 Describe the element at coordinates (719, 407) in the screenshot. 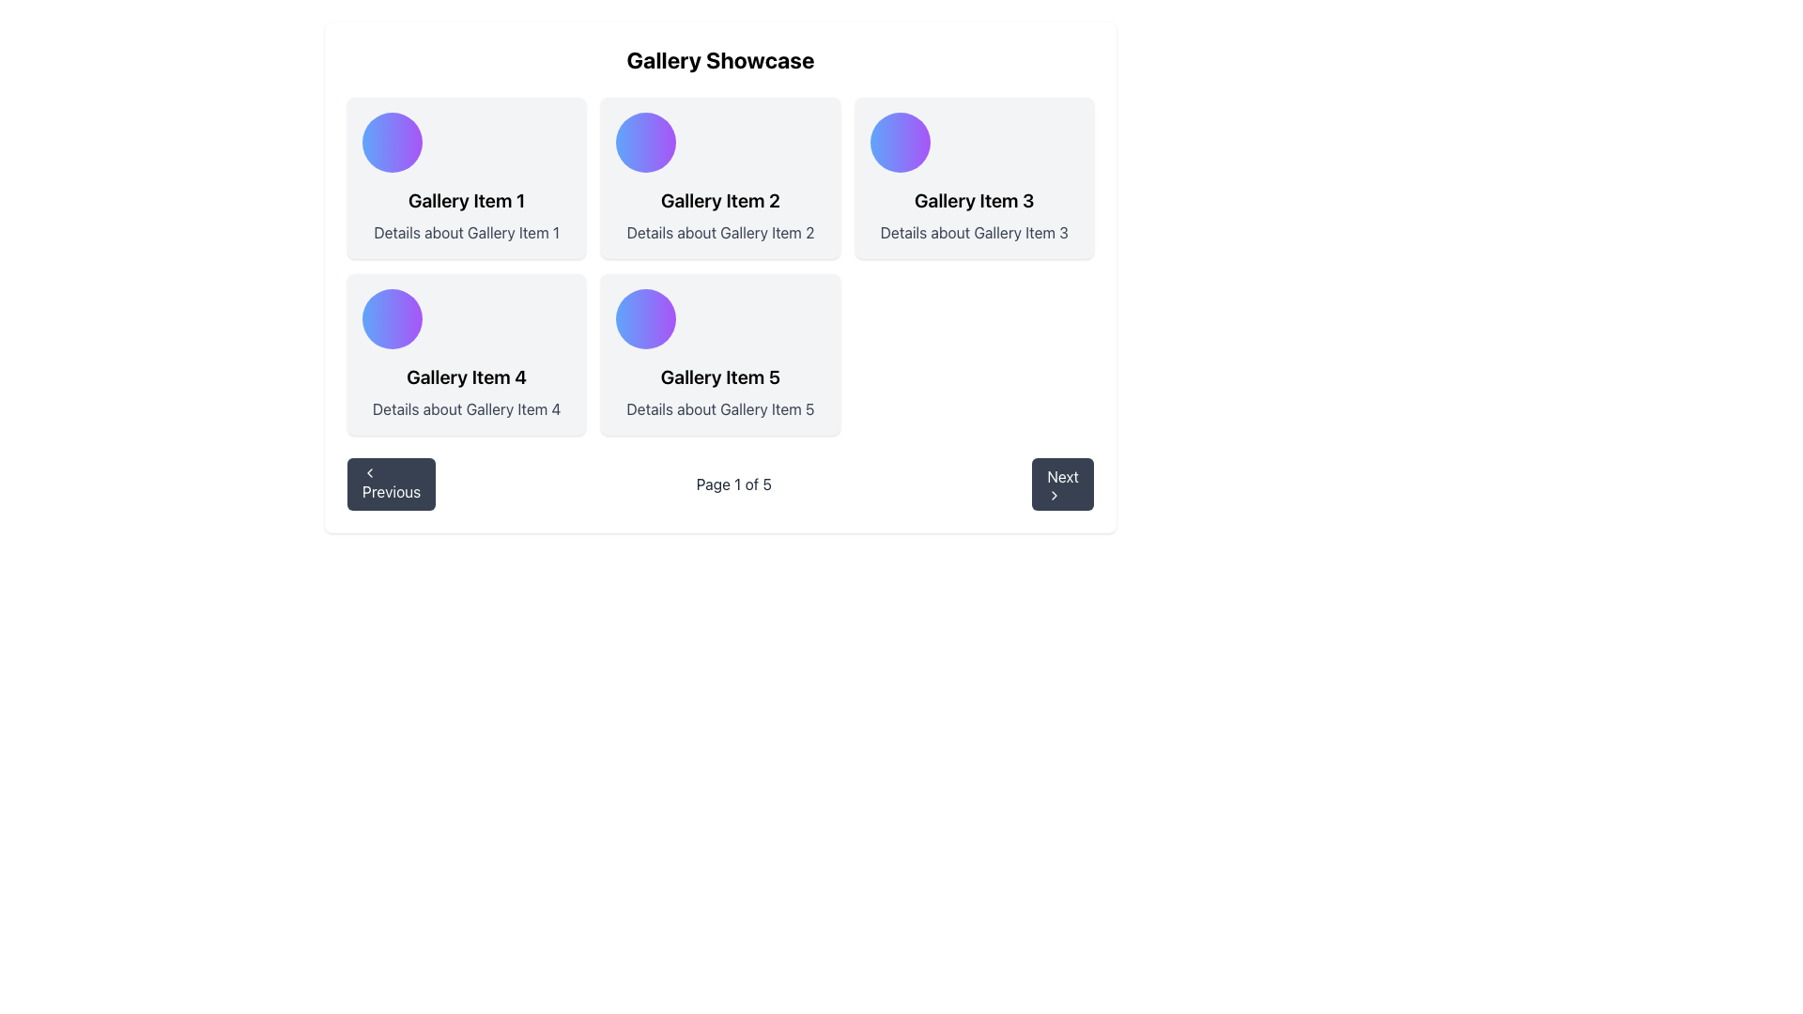

I see `the static text element displaying 'Details about Gallery Item 5', which is styled with a gray color and positioned at the bottom of the card for Gallery Item 5` at that location.